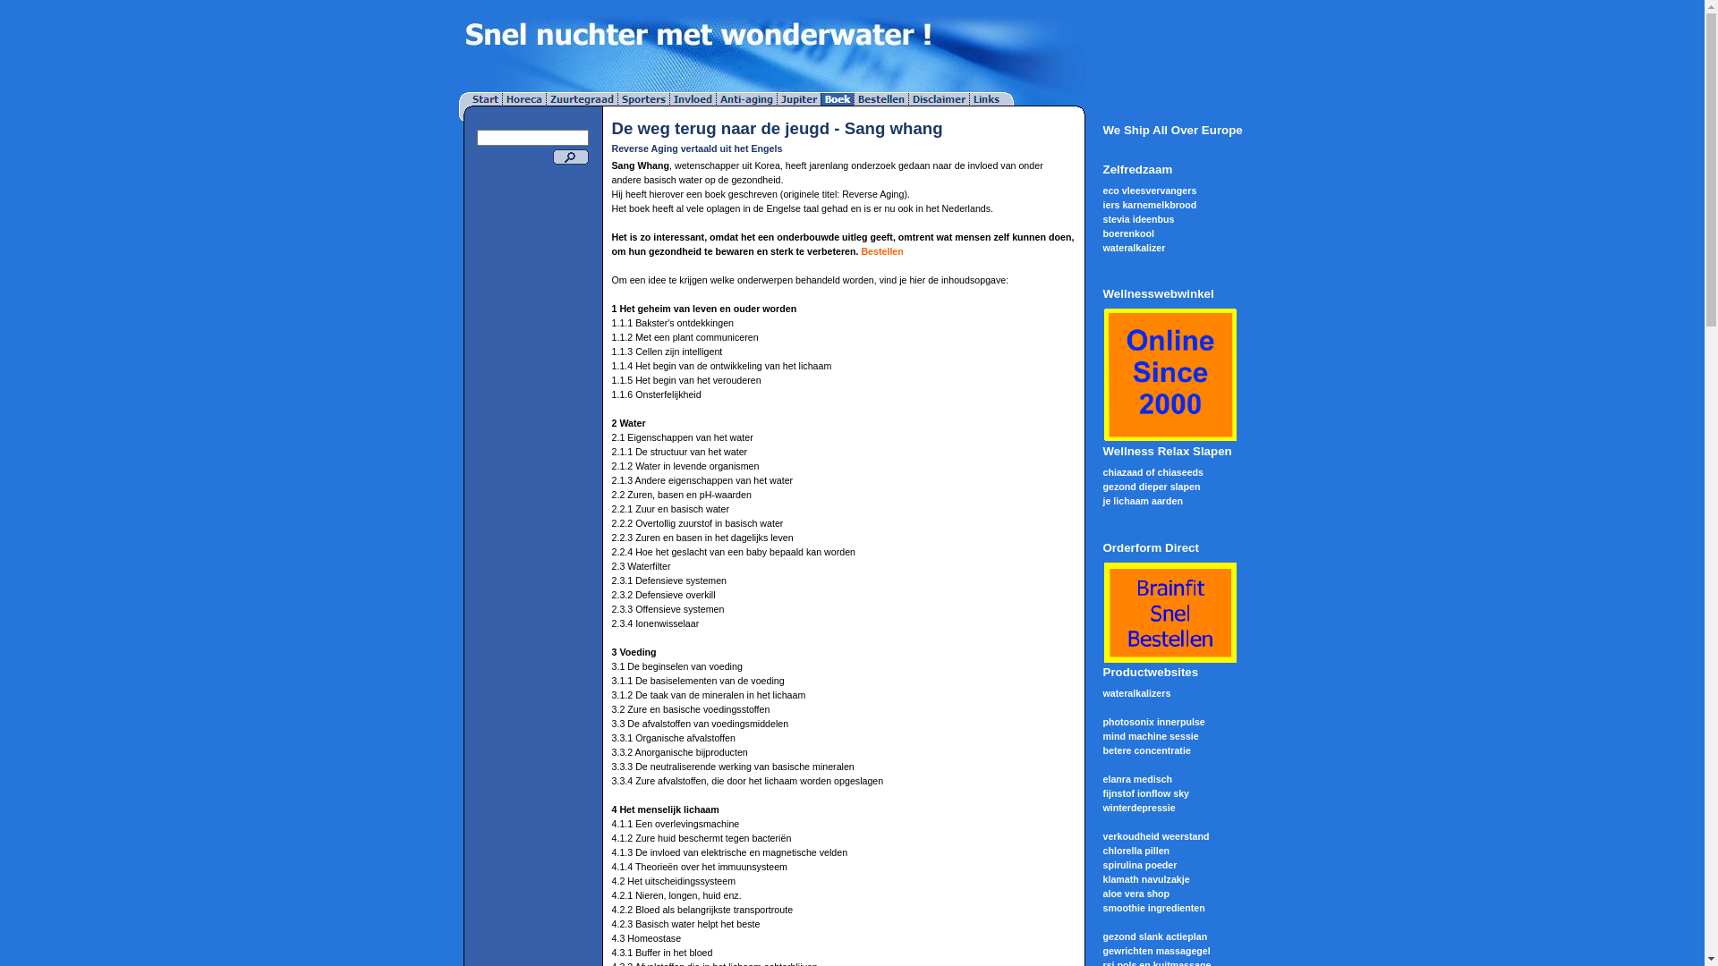  I want to click on 'aloe vera shop', so click(1101, 894).